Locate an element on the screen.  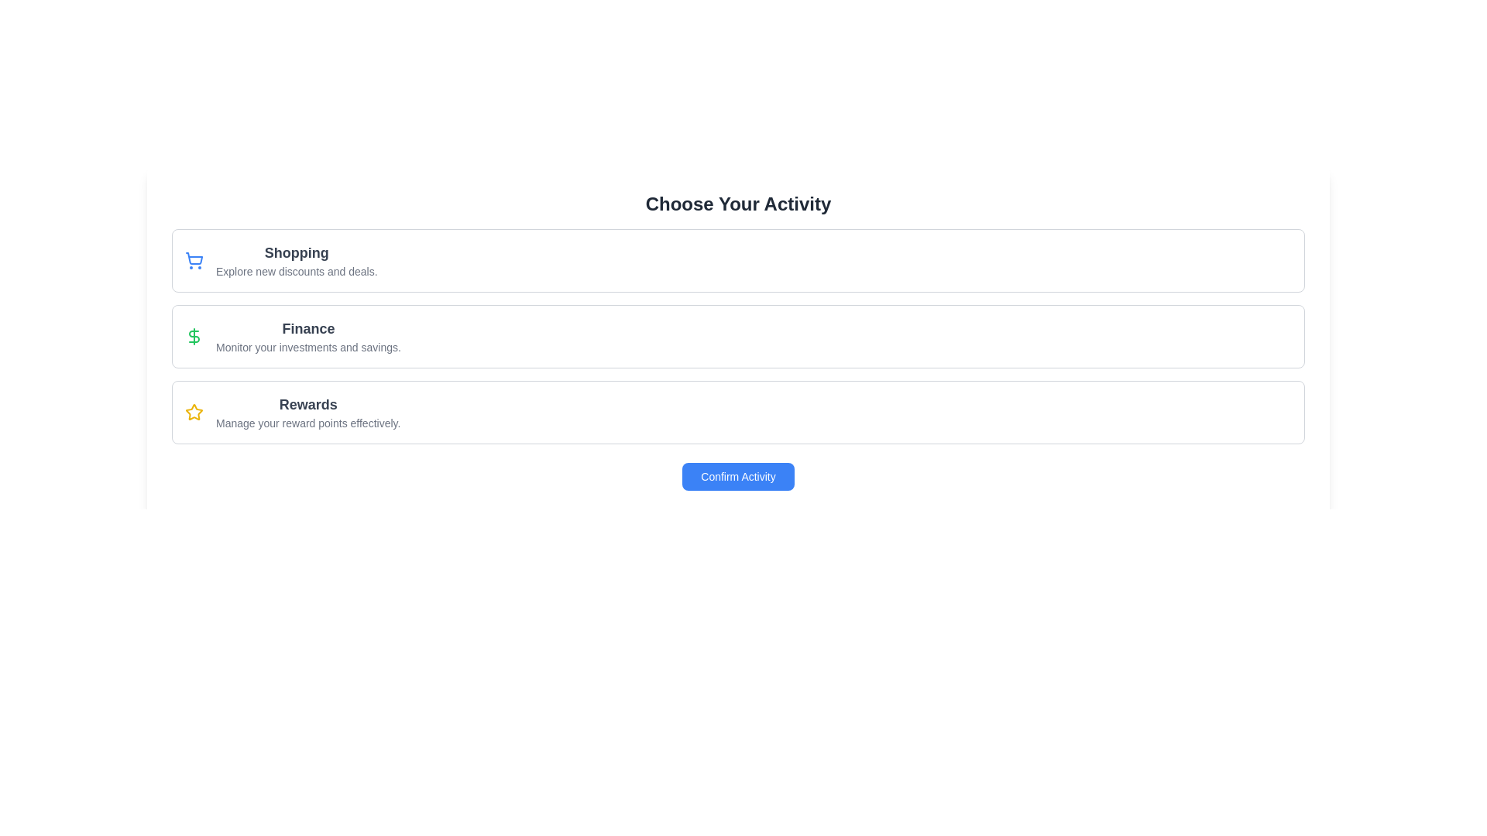
the 'Shopping' text block, which includes the title 'Shopping' in bold above the description 'Explore new discounts and deals', positioned at the top of a list with a shopping cart icon to the left is located at coordinates (297, 259).